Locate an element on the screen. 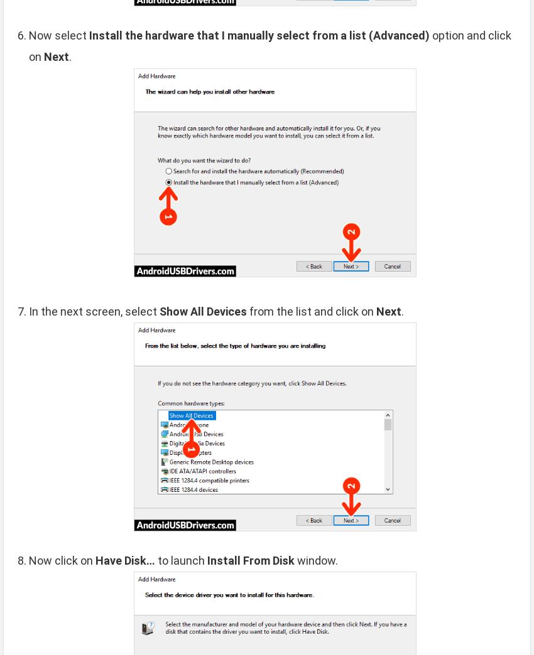 Image resolution: width=534 pixels, height=655 pixels. 'Install From Disk' is located at coordinates (251, 560).